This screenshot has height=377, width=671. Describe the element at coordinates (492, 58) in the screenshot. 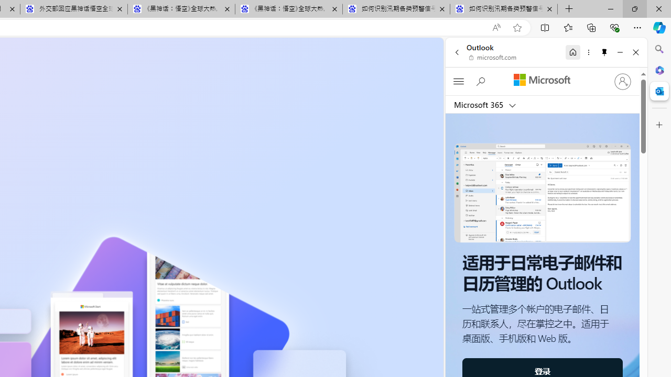

I see `'microsoft.com'` at that location.